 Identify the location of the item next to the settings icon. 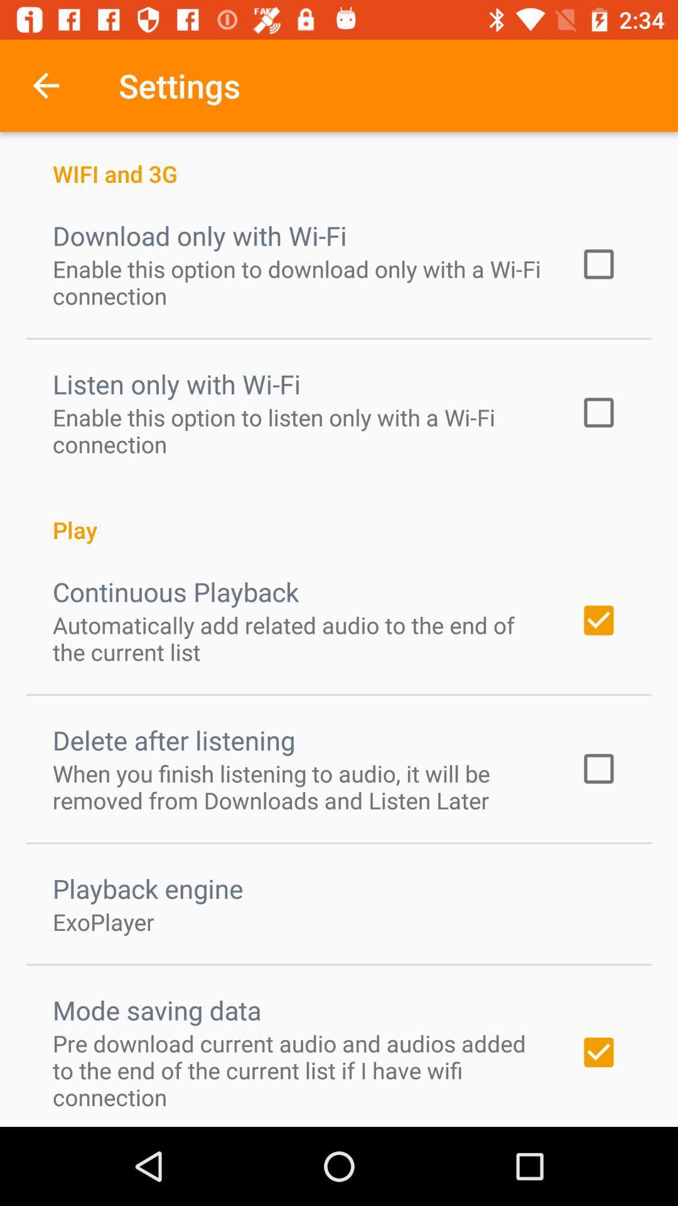
(45, 85).